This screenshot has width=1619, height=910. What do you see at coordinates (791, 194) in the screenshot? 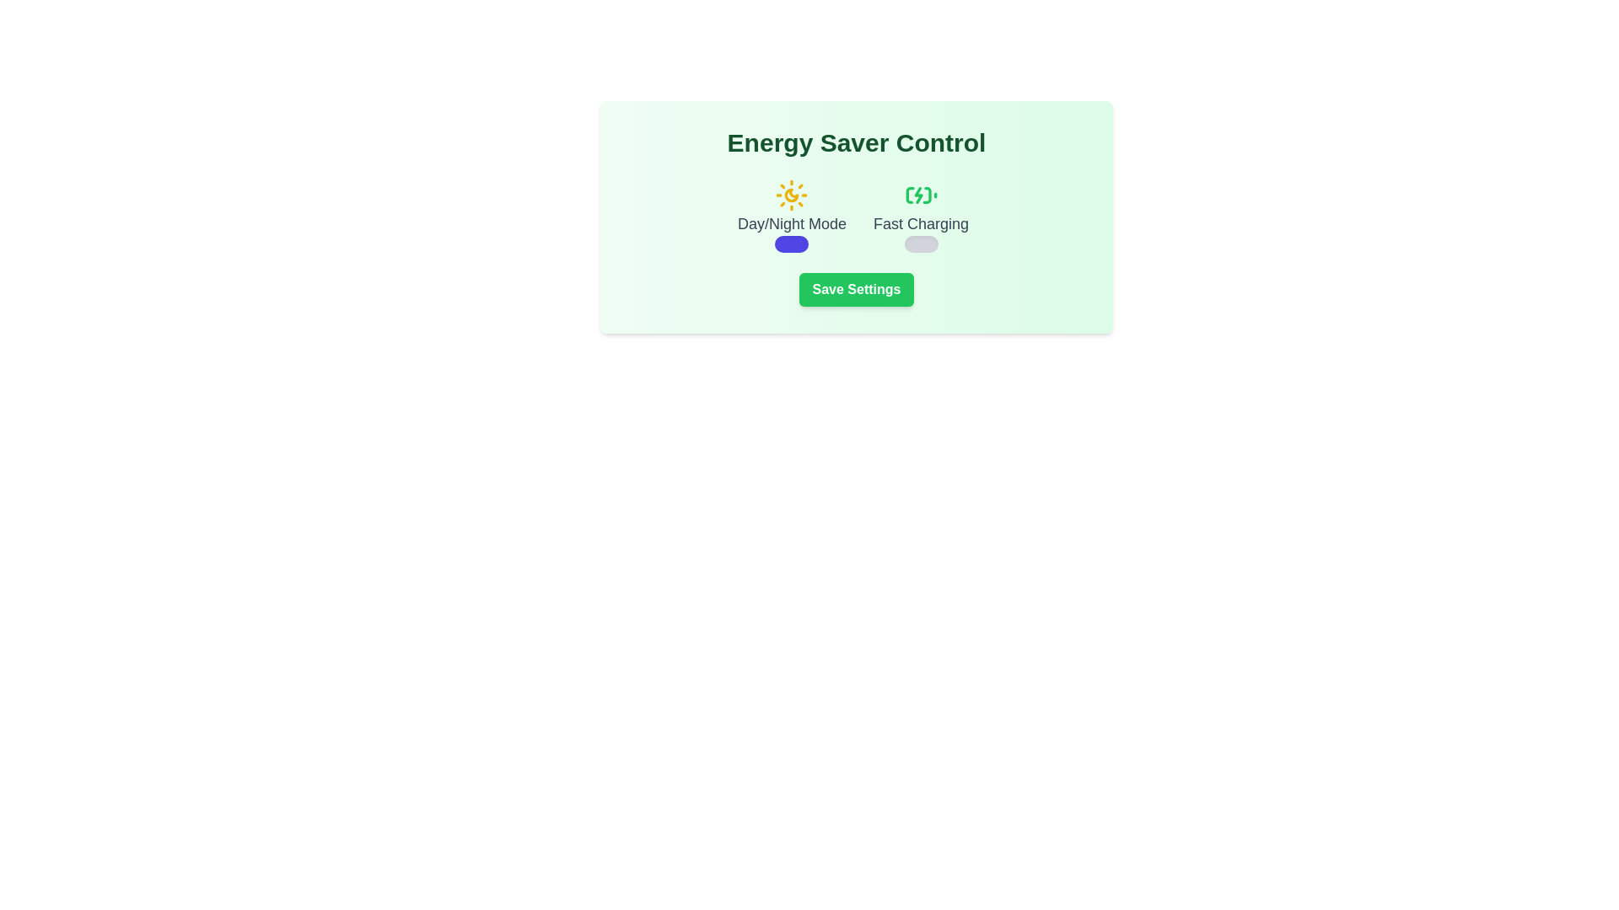
I see `the 'Day/Night Mode' icon to inspect it` at bounding box center [791, 194].